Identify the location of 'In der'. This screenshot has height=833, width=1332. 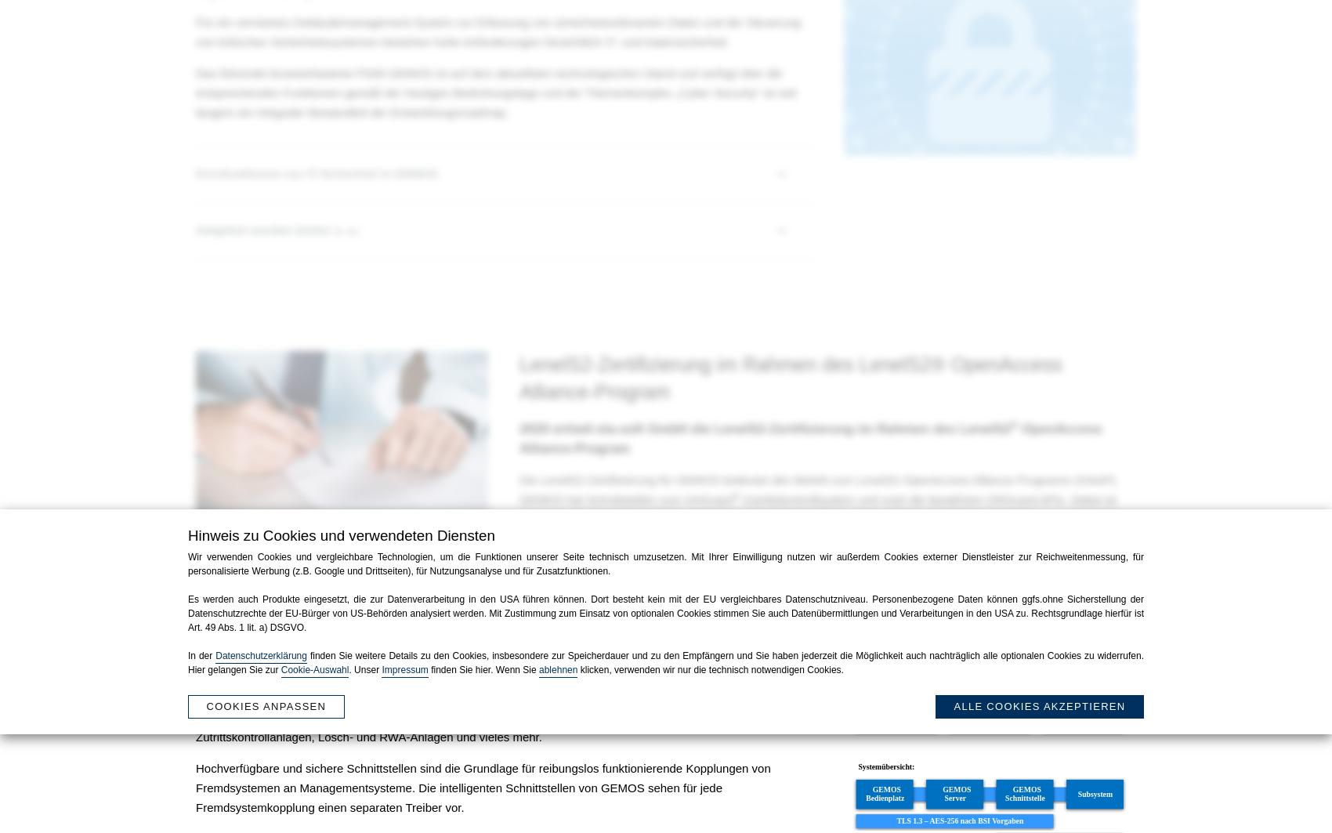
(201, 655).